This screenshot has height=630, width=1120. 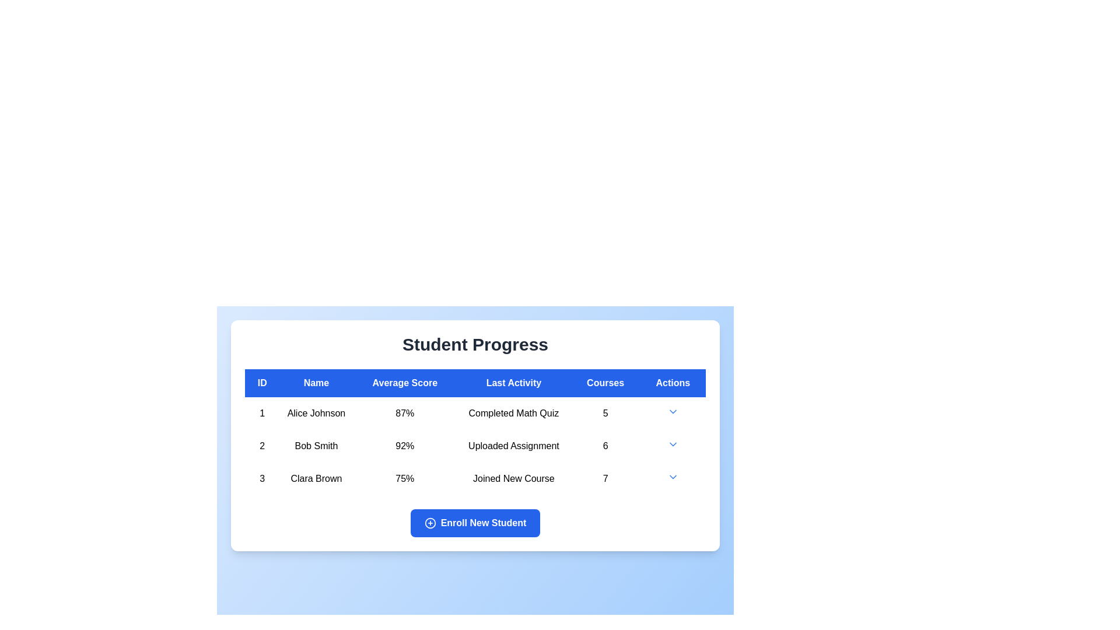 I want to click on the text label displaying 'Uploaded Assignment' in the 'Last Activity' column of the 'Student Progress' table, so click(x=513, y=446).